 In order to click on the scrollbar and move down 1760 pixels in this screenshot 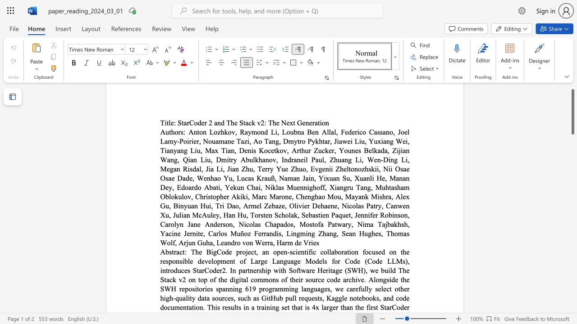, I will do `click(572, 111)`.